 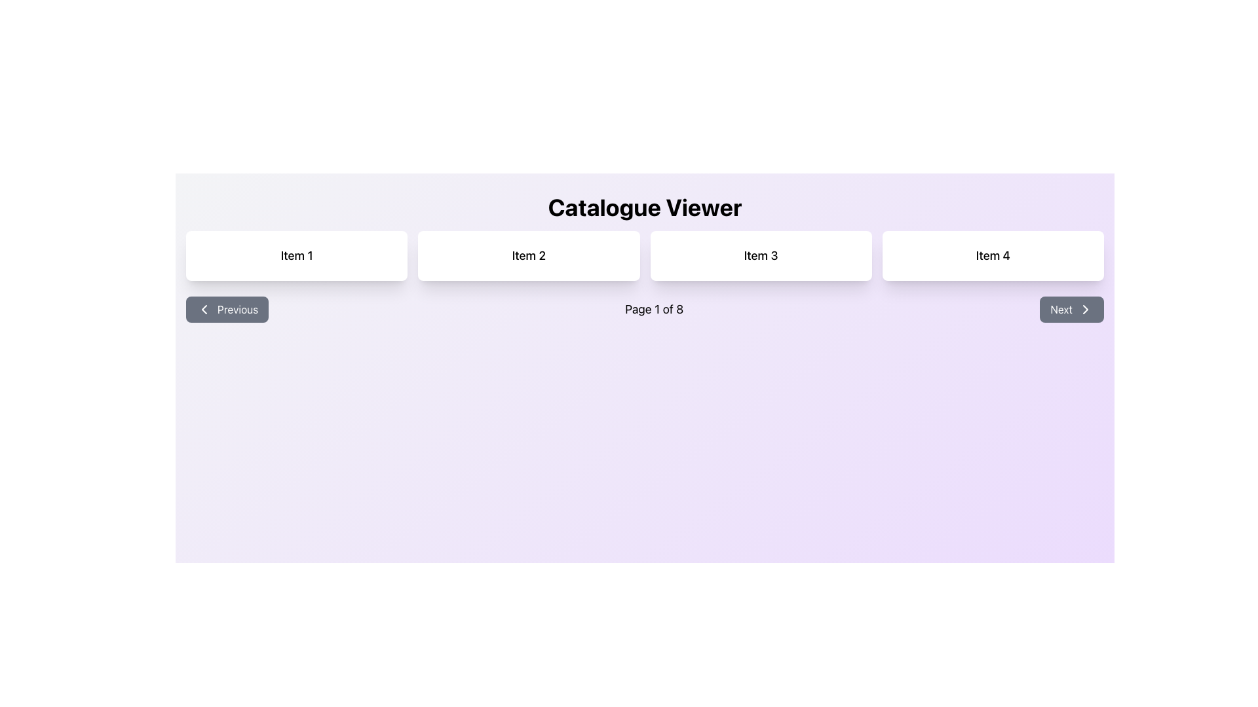 What do you see at coordinates (1085, 310) in the screenshot?
I see `the 'Next' button icon that indicates navigation to the next set of items in the paginated view, located at the bottom-right corner of the interface` at bounding box center [1085, 310].